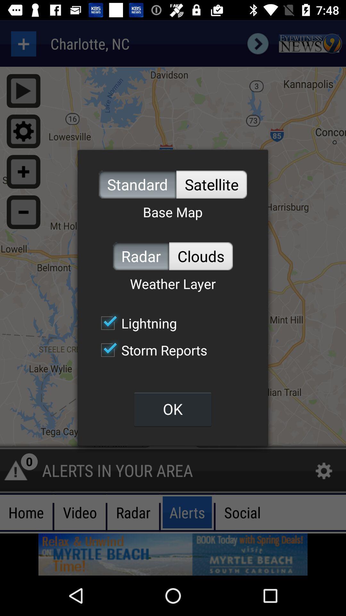 This screenshot has width=346, height=616. I want to click on item below storm reports icon, so click(172, 409).